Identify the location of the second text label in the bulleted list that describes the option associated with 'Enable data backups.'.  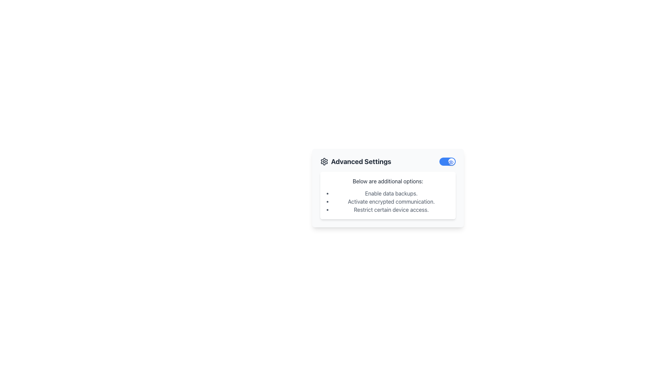
(391, 201).